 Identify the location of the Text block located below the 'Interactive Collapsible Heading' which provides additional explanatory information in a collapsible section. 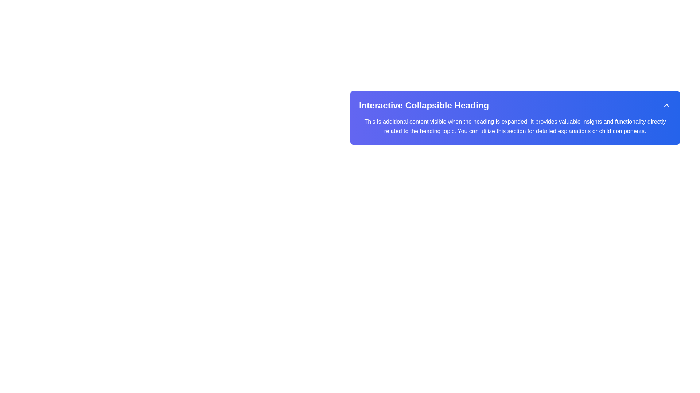
(514, 126).